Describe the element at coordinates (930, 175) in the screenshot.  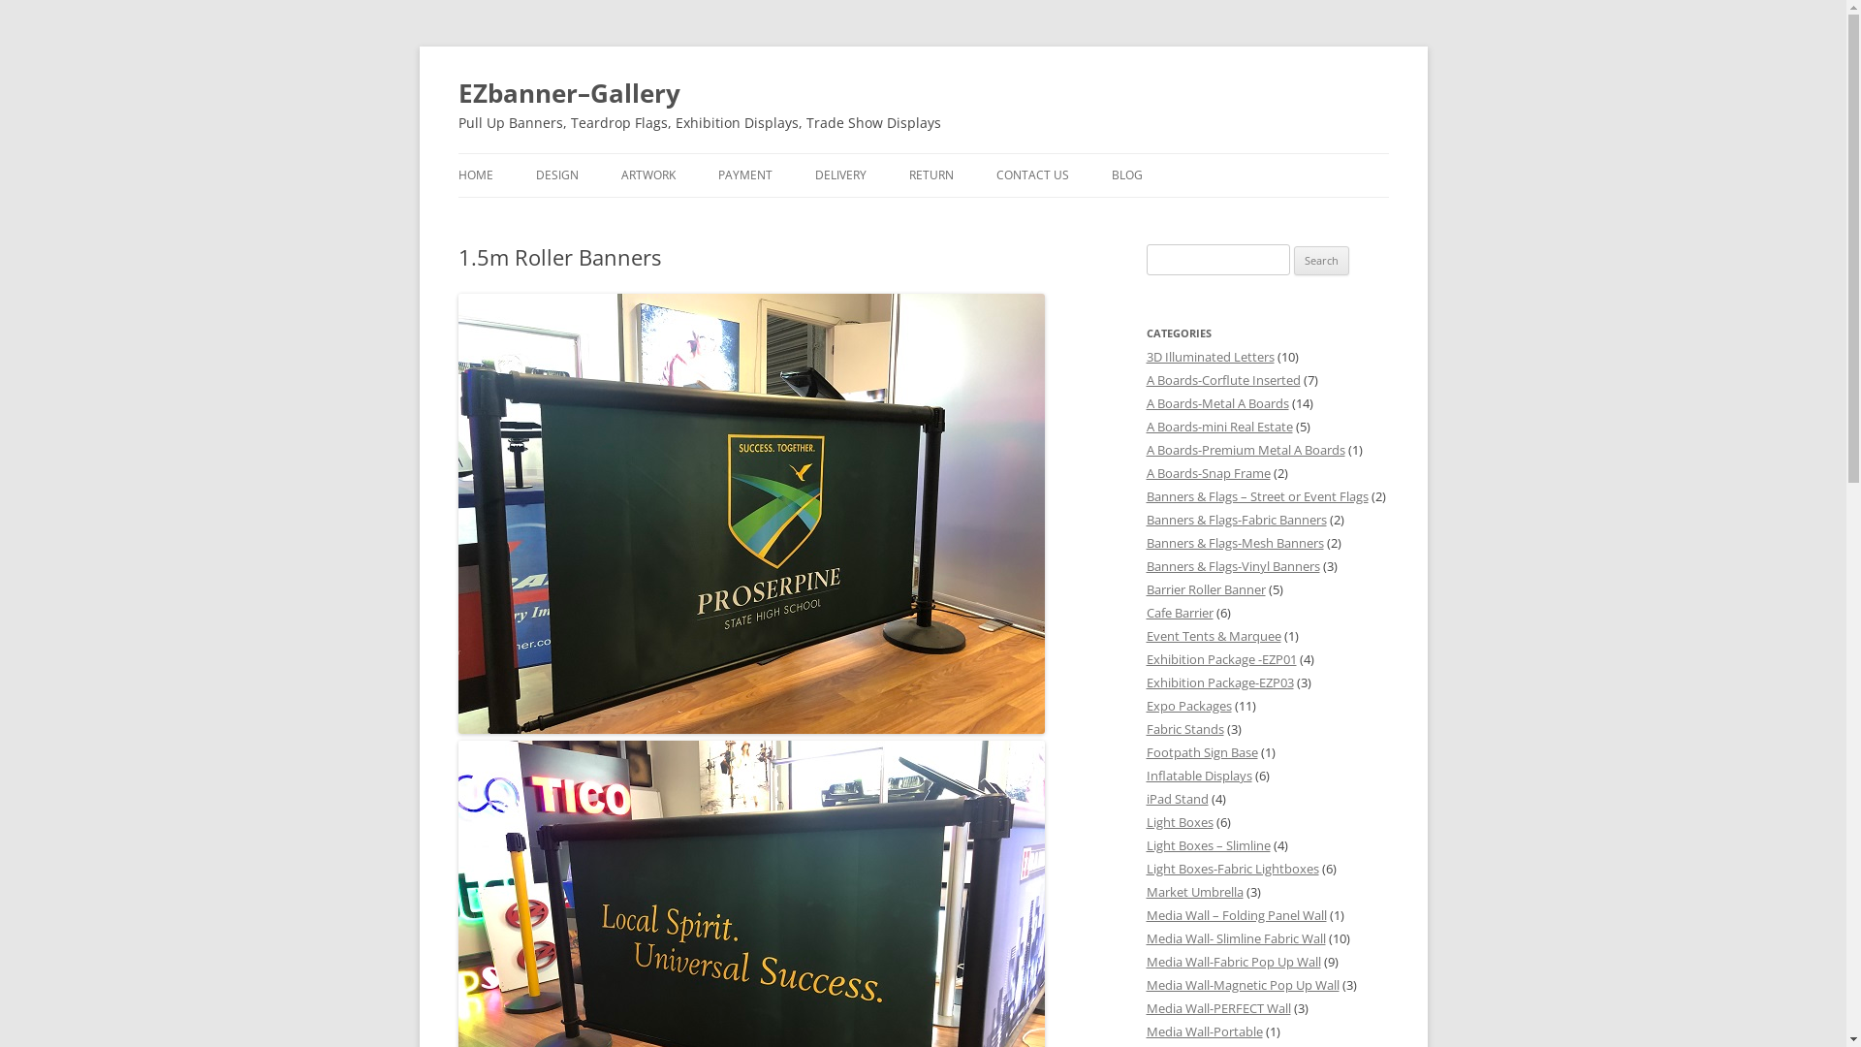
I see `'RETURN'` at that location.